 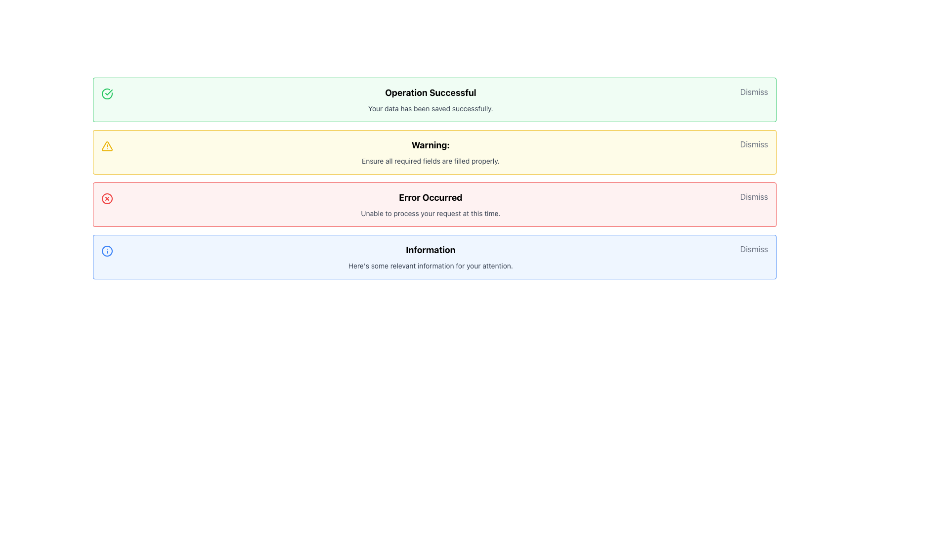 I want to click on the success completion icon located at the top-left corner of the green notification bar, so click(x=107, y=93).